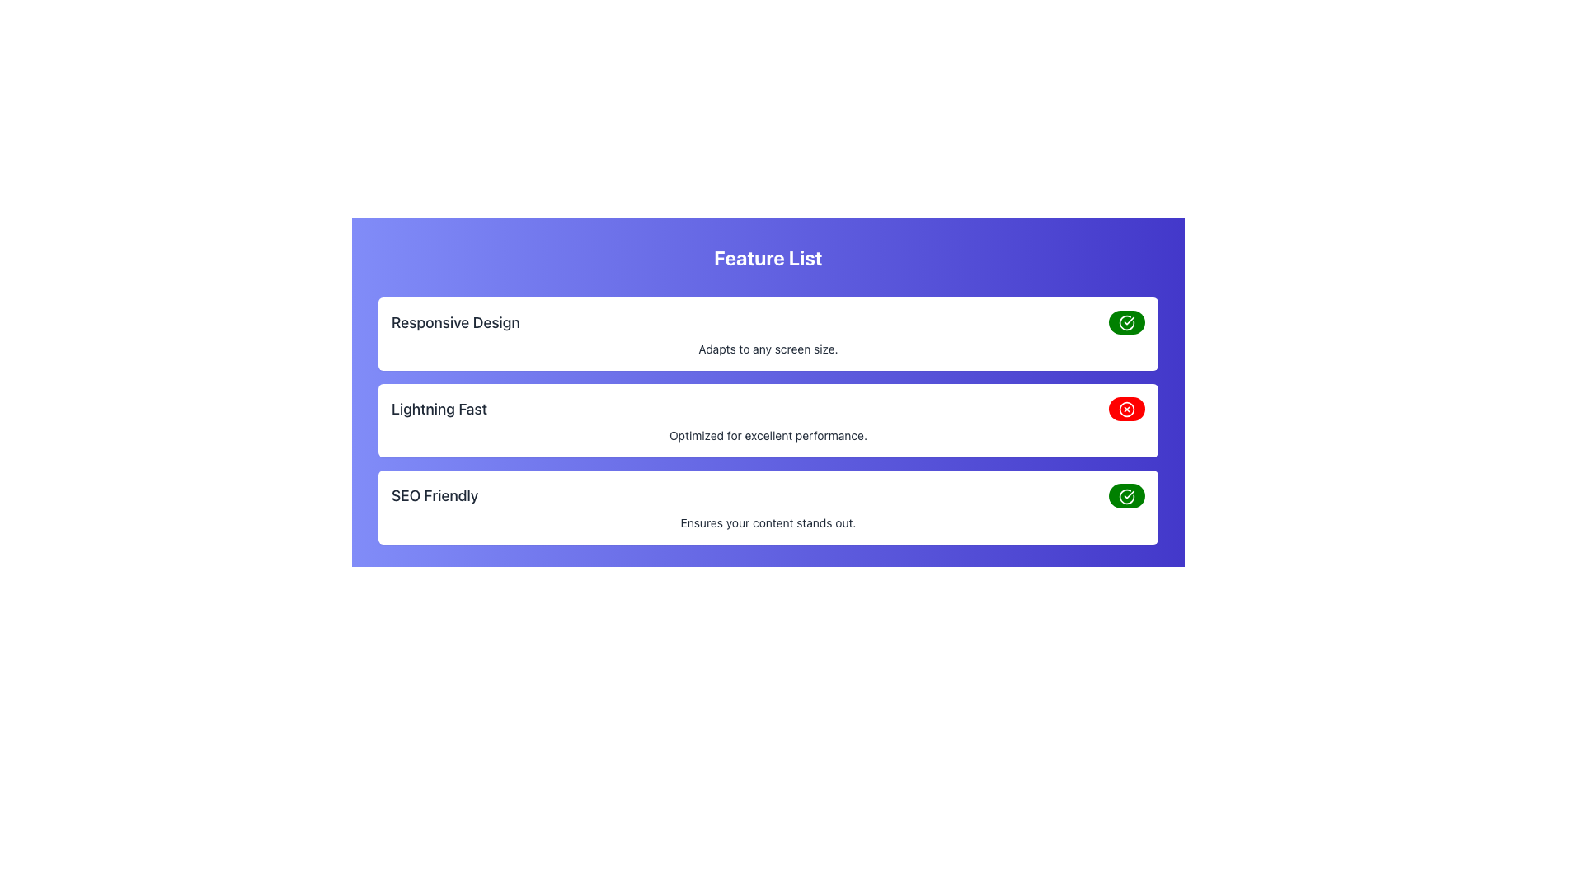 The image size is (1583, 890). Describe the element at coordinates (1126, 323) in the screenshot. I see `the small circular icon with a green background and a checkmark symbol, which is aligned to the right side of the 'SEO Friendly' label in the feature list` at that location.